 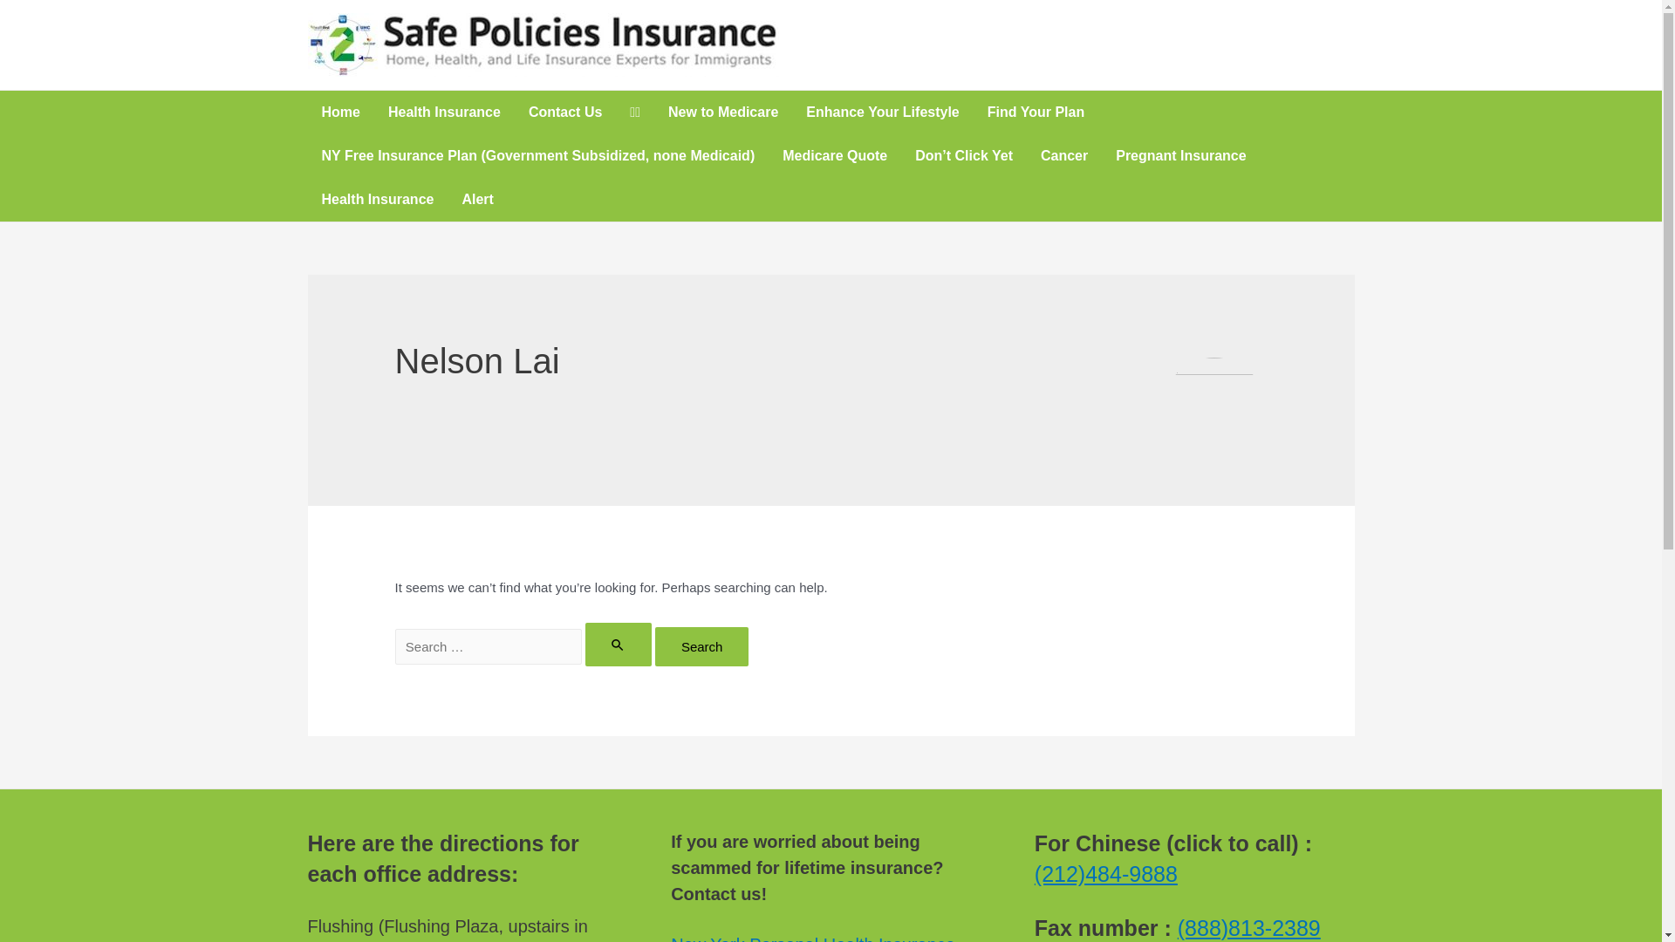 I want to click on 'Home', so click(x=339, y=112).